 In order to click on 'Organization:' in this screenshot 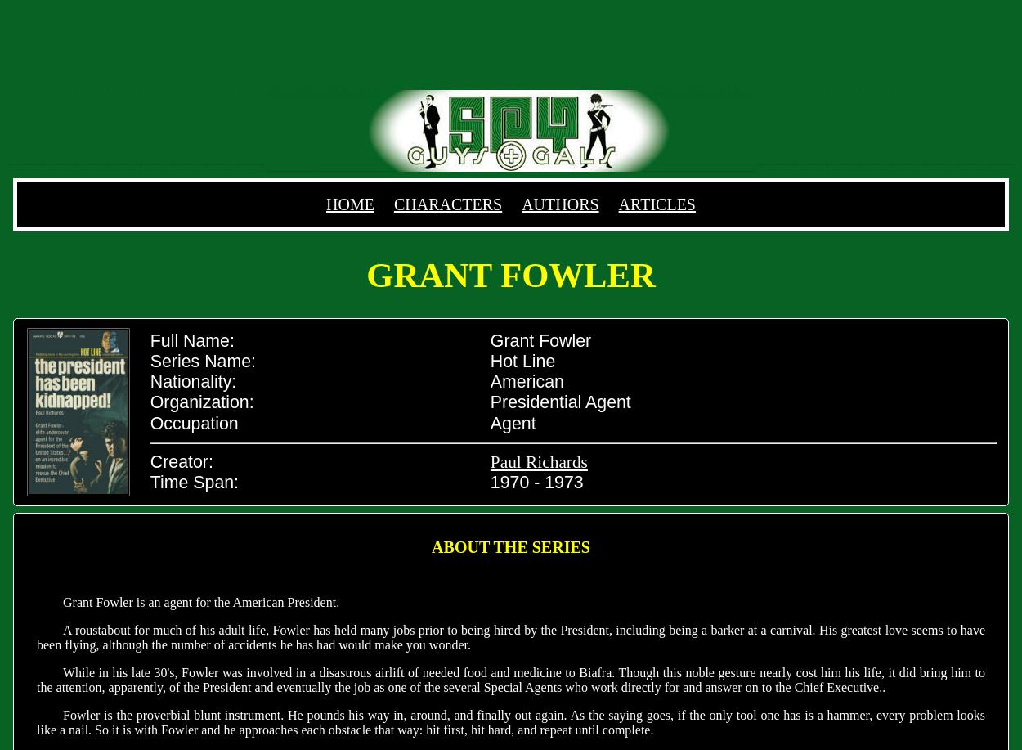, I will do `click(200, 401)`.